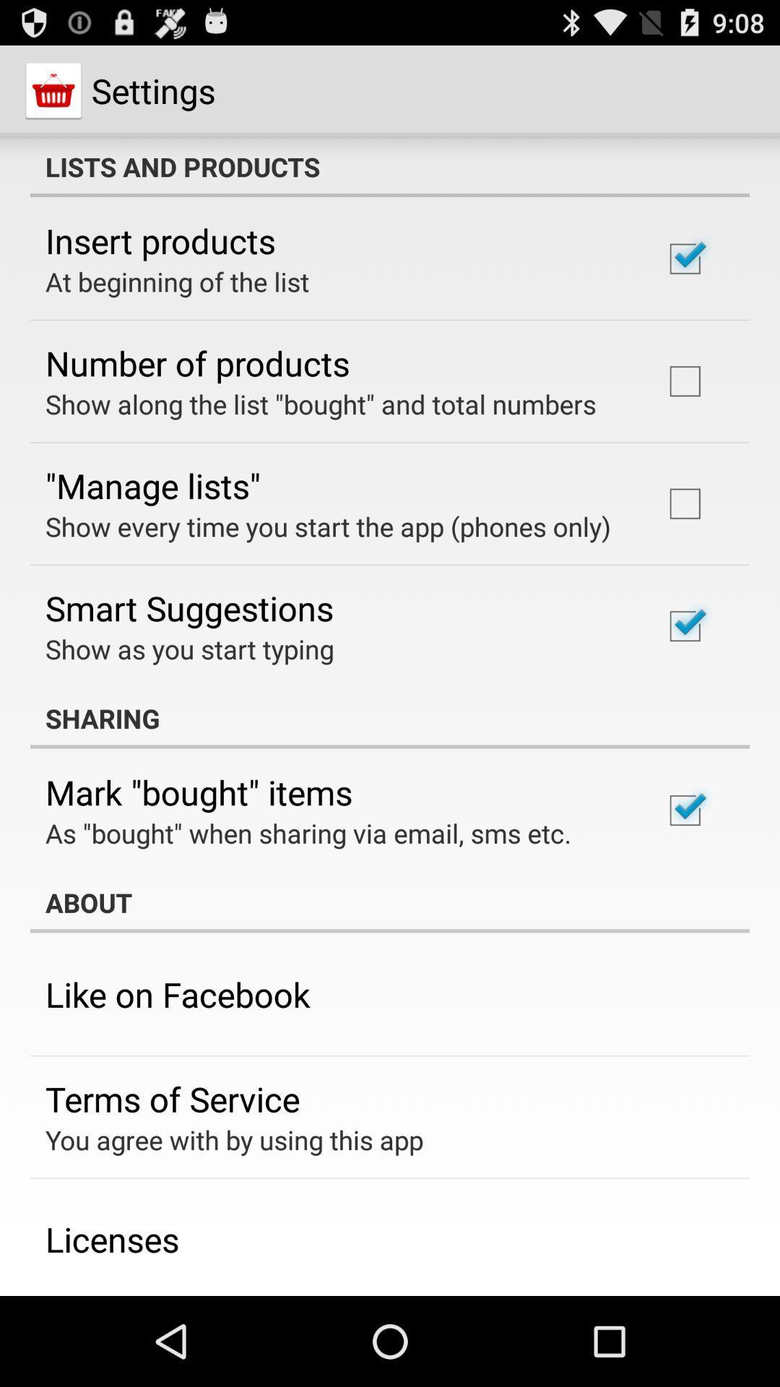  What do you see at coordinates (233, 1139) in the screenshot?
I see `icon below terms of service` at bounding box center [233, 1139].